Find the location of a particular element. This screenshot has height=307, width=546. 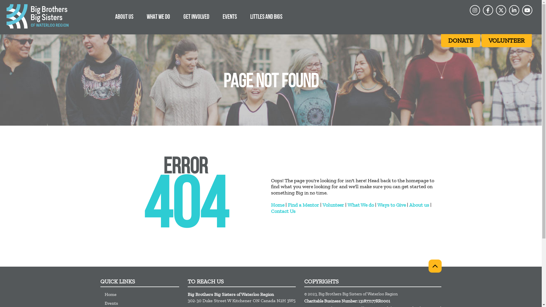

'Ways to Give' is located at coordinates (377, 205).